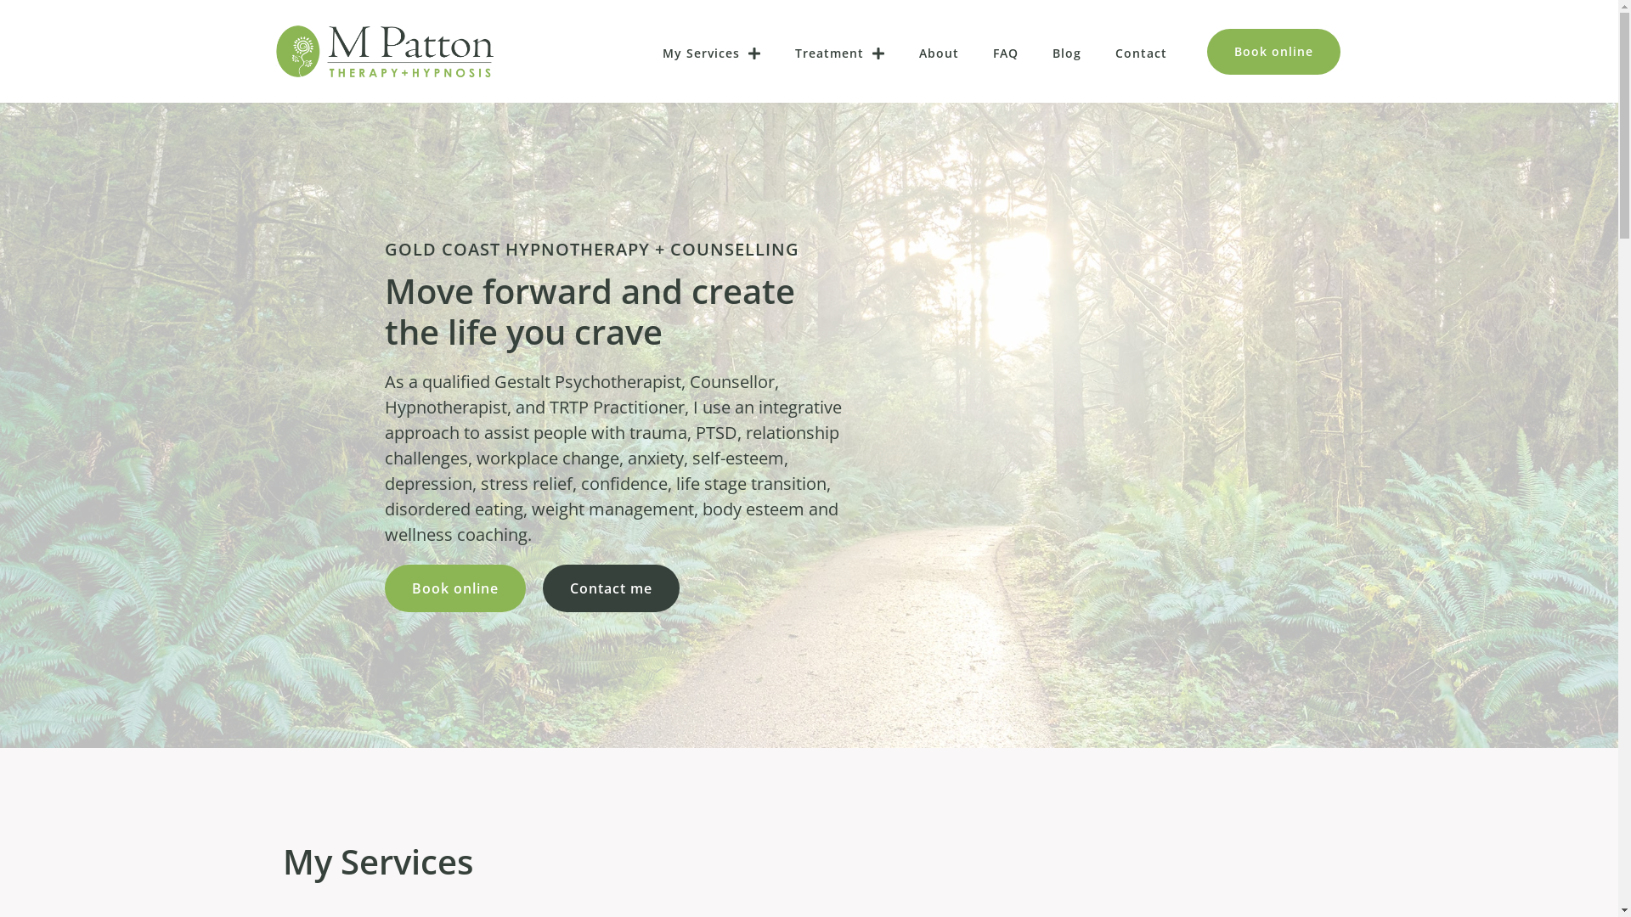 This screenshot has height=917, width=1631. What do you see at coordinates (1004, 52) in the screenshot?
I see `'FAQ'` at bounding box center [1004, 52].